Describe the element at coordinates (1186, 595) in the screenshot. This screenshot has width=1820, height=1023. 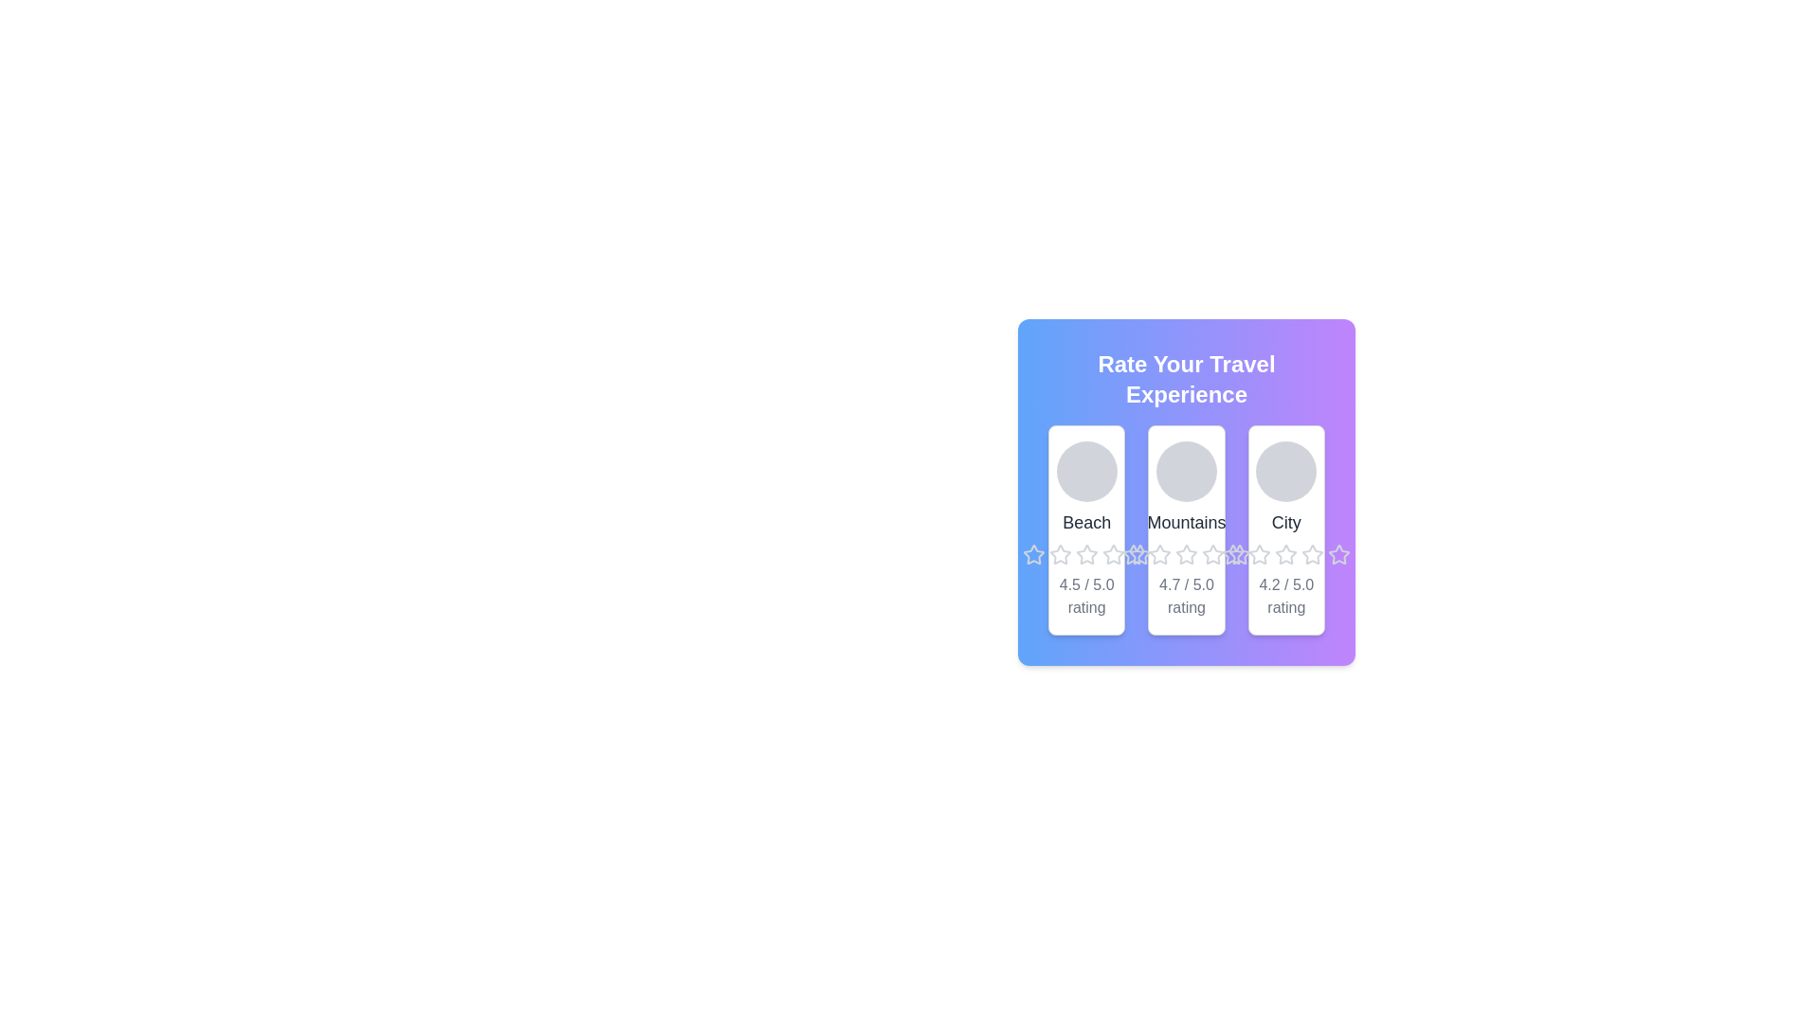
I see `the text label displaying '4.7 / 5.0 rating' in light gray font, located beneath the 'Mountains' title in the middle card of the layout` at that location.